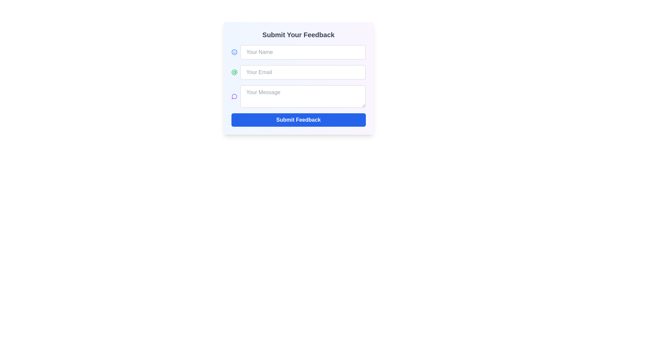 The width and height of the screenshot is (645, 362). I want to click on the decorative smiley face icon located near the top-left corner of the 'Your Name' input field on the feedback form, so click(234, 52).